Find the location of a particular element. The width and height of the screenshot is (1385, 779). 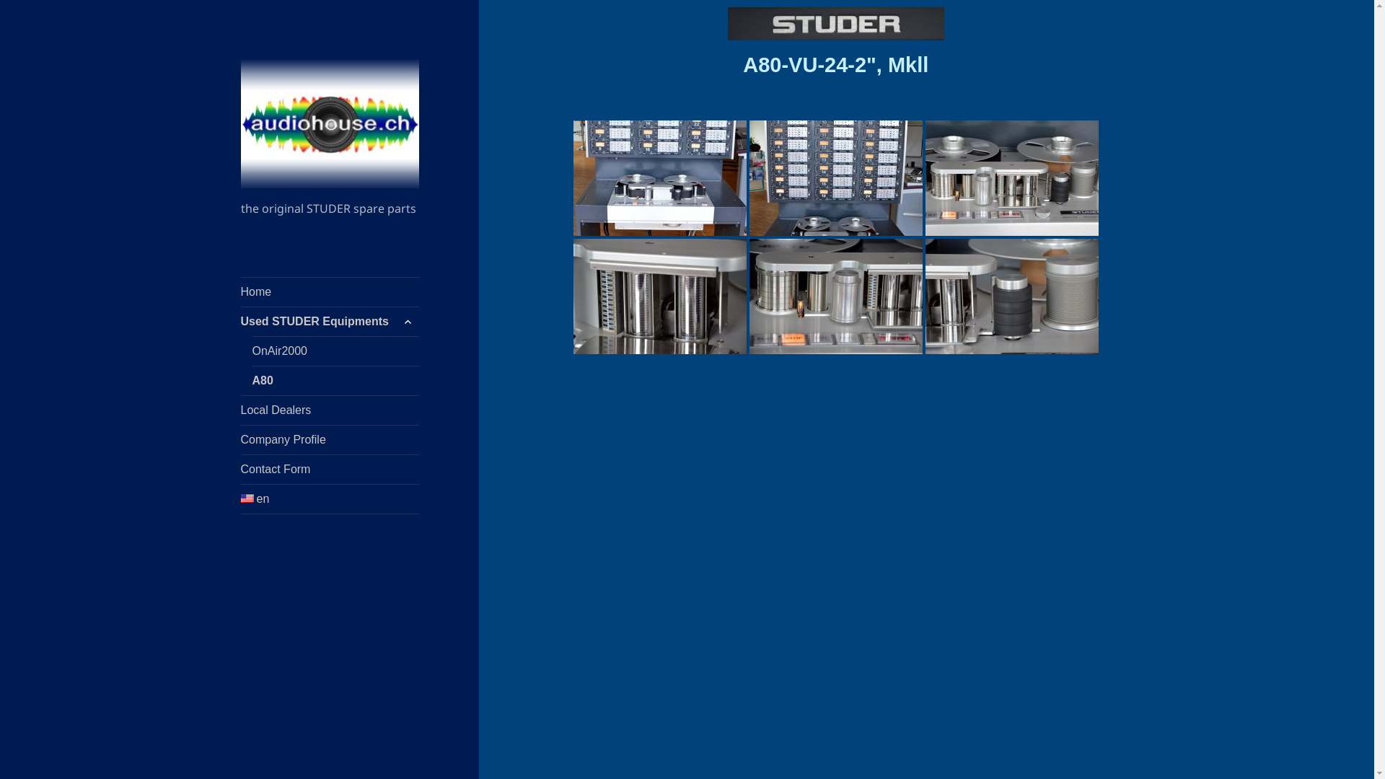

'OnAir2000' is located at coordinates (335, 351).